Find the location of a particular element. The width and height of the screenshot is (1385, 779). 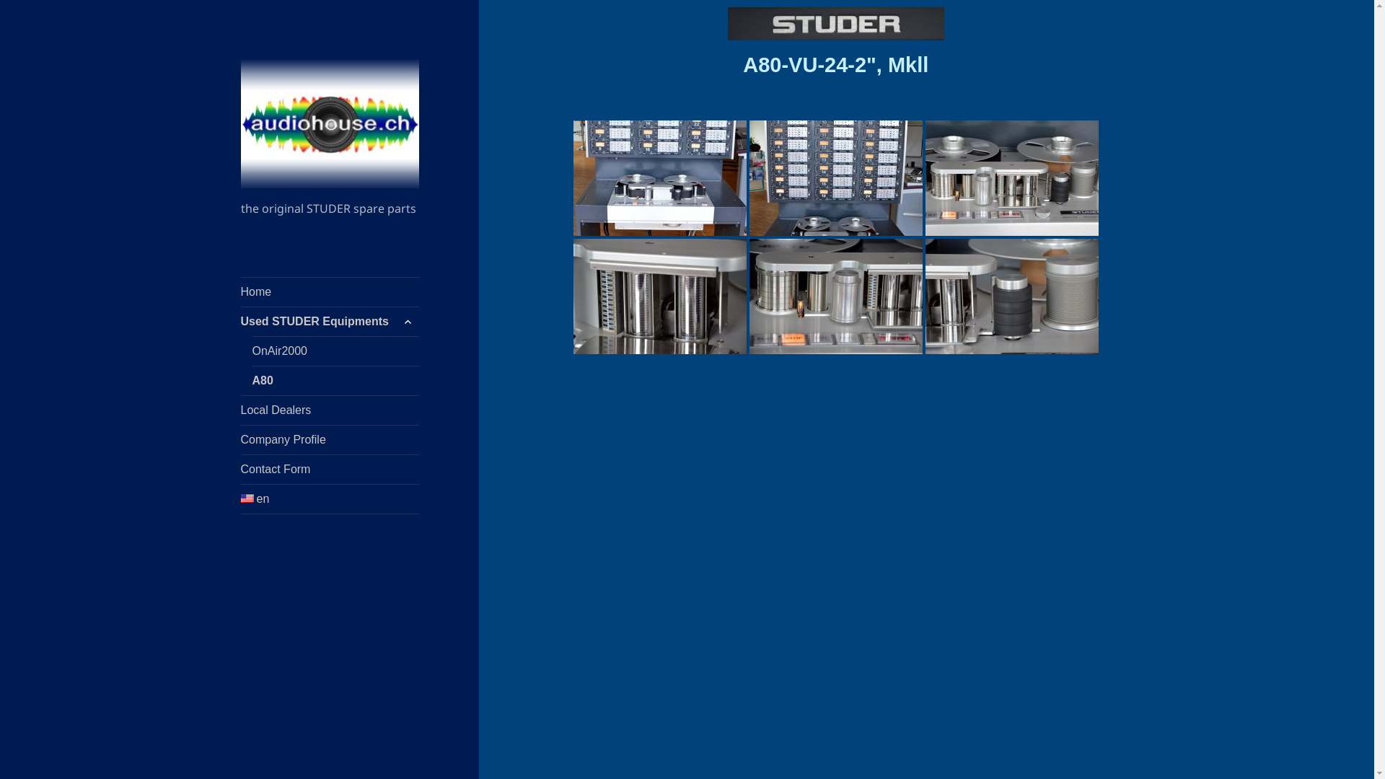

'OnAir2000' is located at coordinates (335, 351).